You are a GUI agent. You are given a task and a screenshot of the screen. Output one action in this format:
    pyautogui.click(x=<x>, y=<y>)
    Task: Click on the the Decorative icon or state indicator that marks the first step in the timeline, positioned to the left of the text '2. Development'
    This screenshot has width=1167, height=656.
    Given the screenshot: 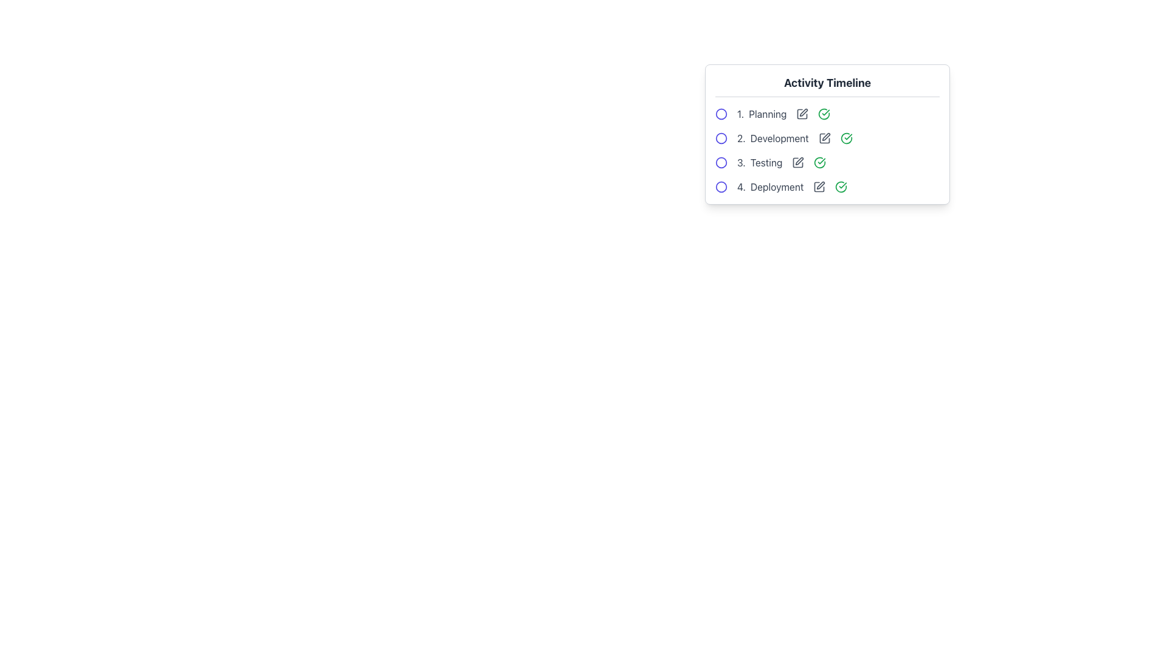 What is the action you would take?
    pyautogui.click(x=721, y=137)
    